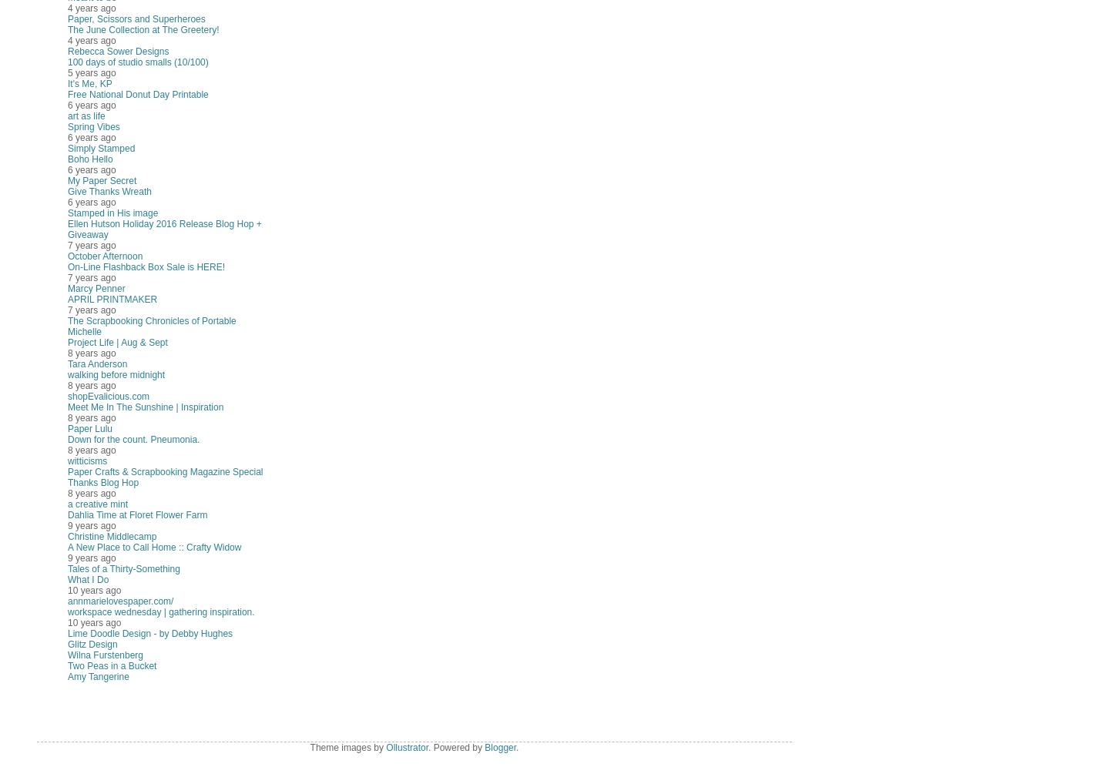 This screenshot has width=1094, height=767. I want to click on 'Ellen Hutson Holiday 2016 Release Blog Hop + Giveaway', so click(164, 229).